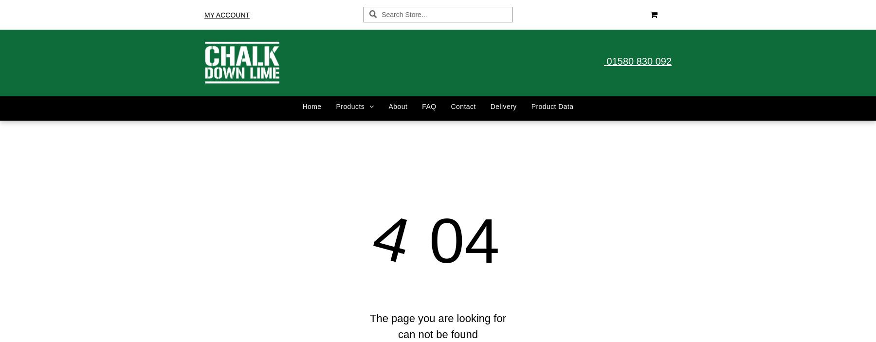 The image size is (876, 342). Describe the element at coordinates (398, 106) in the screenshot. I see `'About'` at that location.